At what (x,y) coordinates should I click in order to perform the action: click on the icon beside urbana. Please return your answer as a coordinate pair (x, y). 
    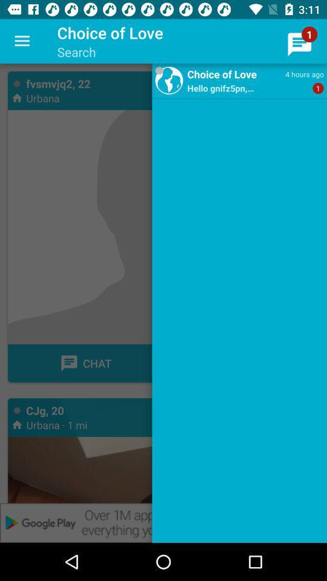
    Looking at the image, I should click on (16, 97).